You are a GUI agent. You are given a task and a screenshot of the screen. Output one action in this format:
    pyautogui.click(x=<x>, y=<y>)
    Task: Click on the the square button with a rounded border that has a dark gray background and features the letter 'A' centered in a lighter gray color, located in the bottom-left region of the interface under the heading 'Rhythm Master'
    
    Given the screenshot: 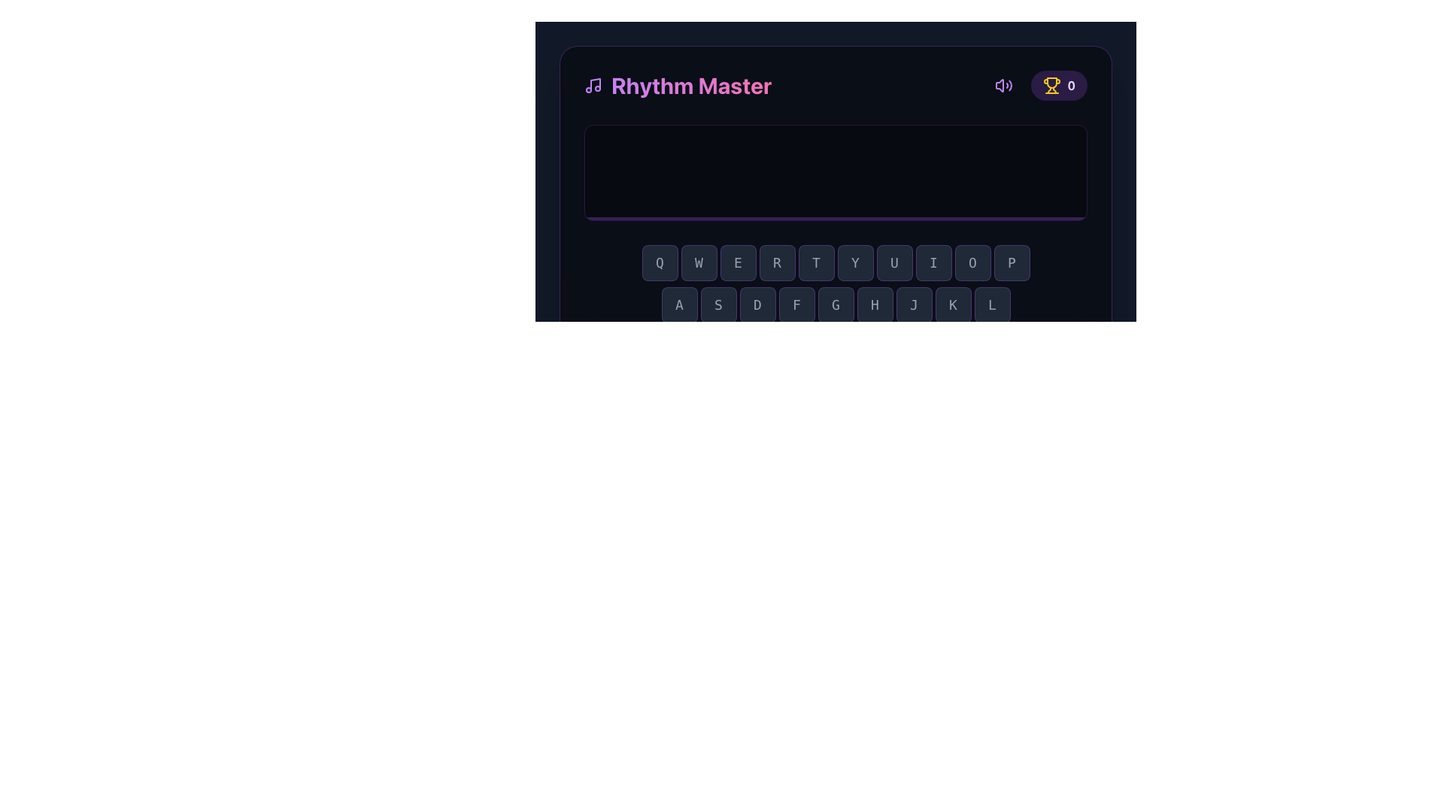 What is the action you would take?
    pyautogui.click(x=678, y=304)
    